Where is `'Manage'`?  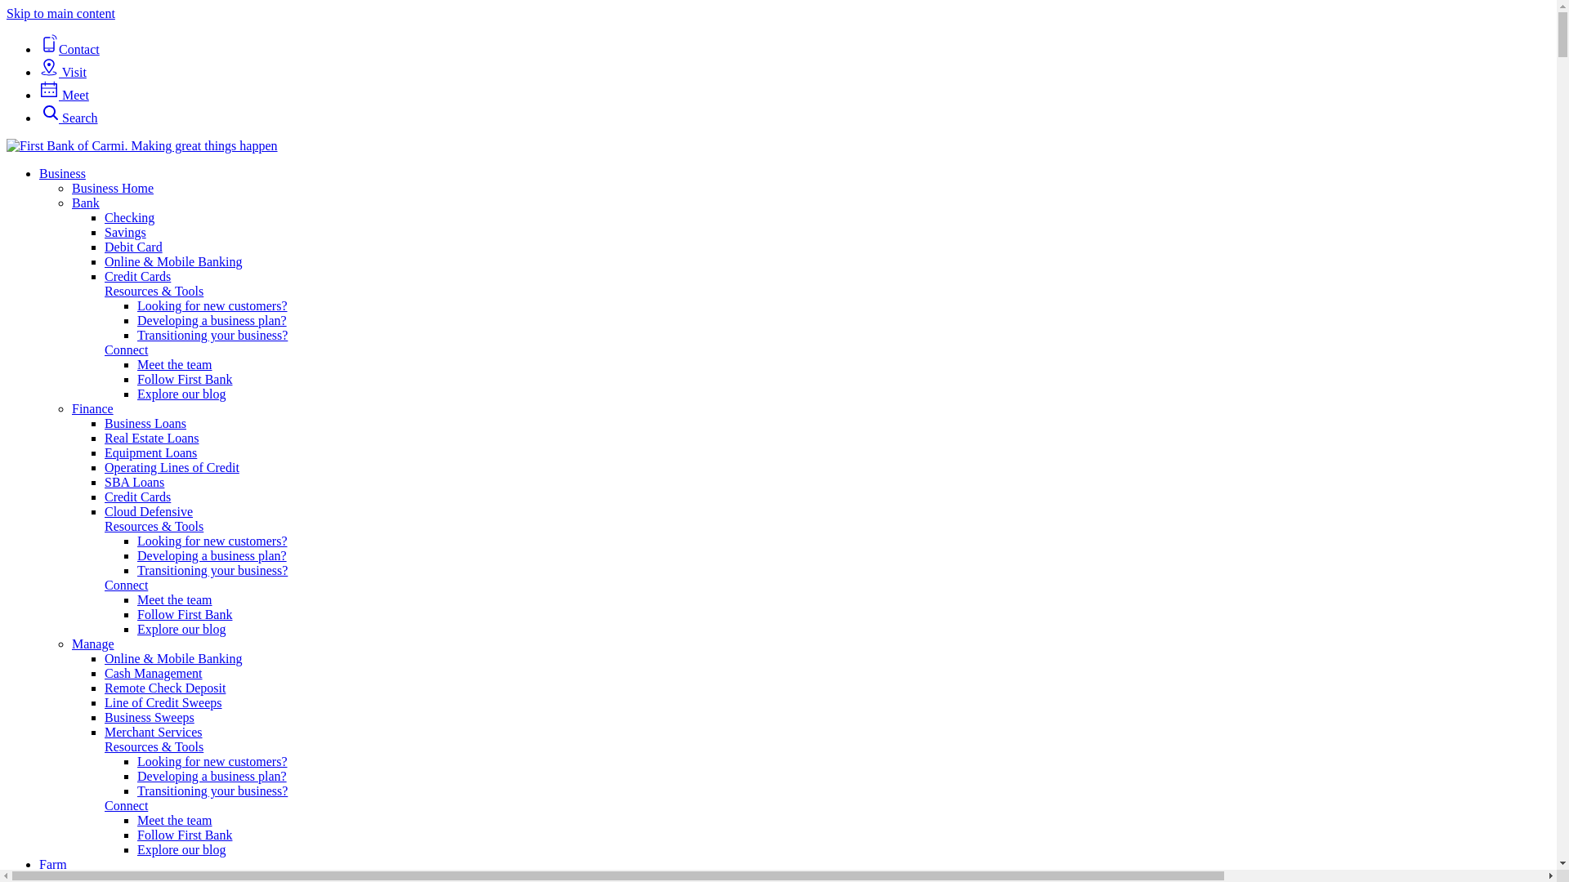 'Manage' is located at coordinates (92, 643).